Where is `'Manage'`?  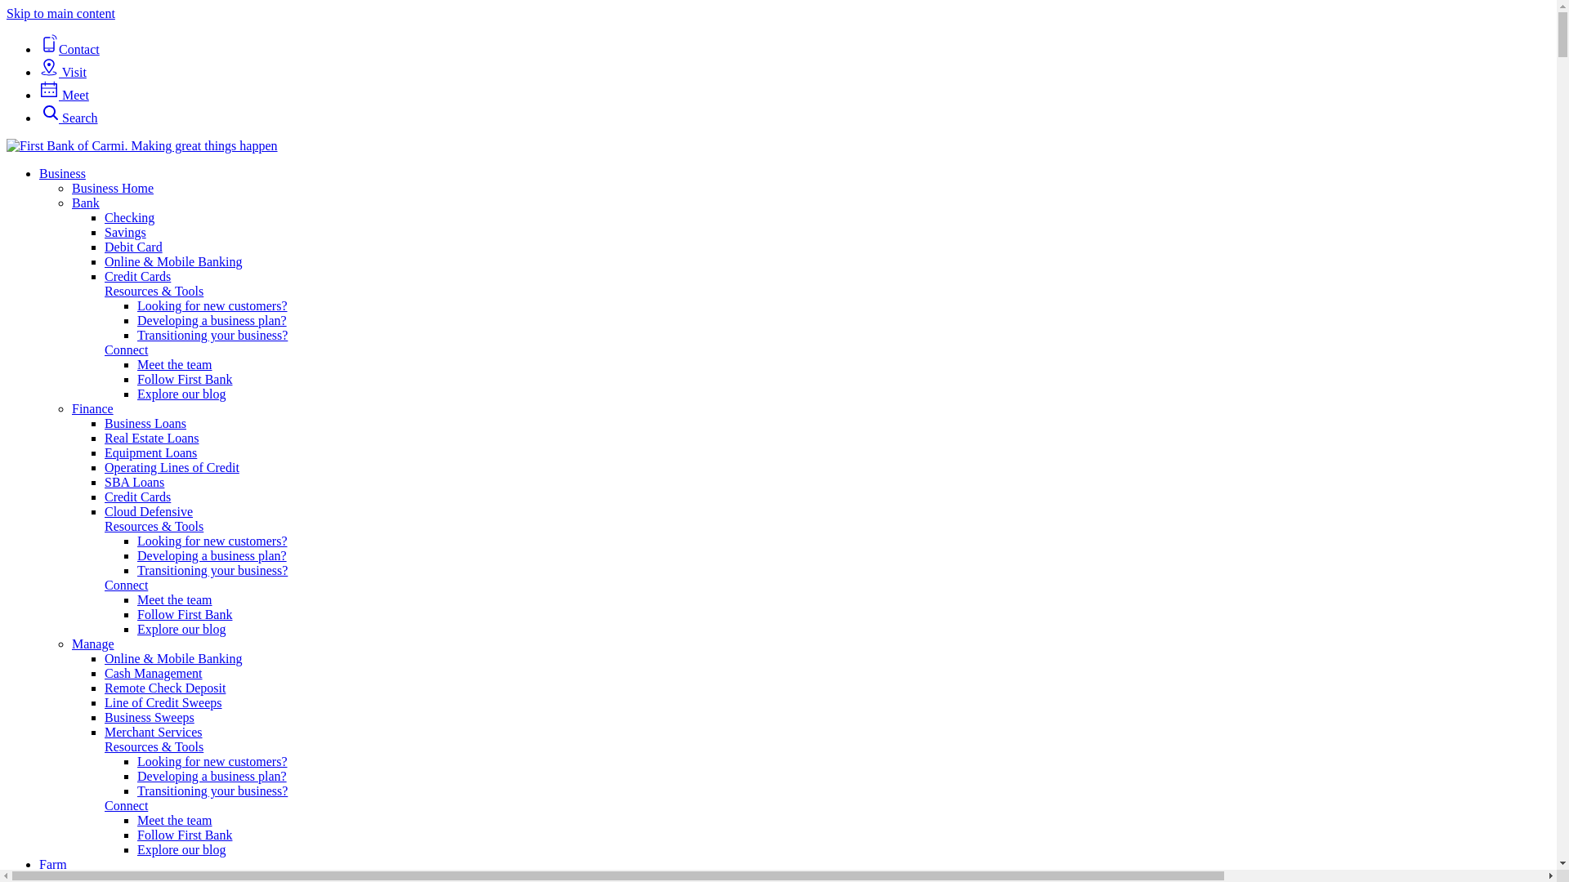 'Manage' is located at coordinates (92, 643).